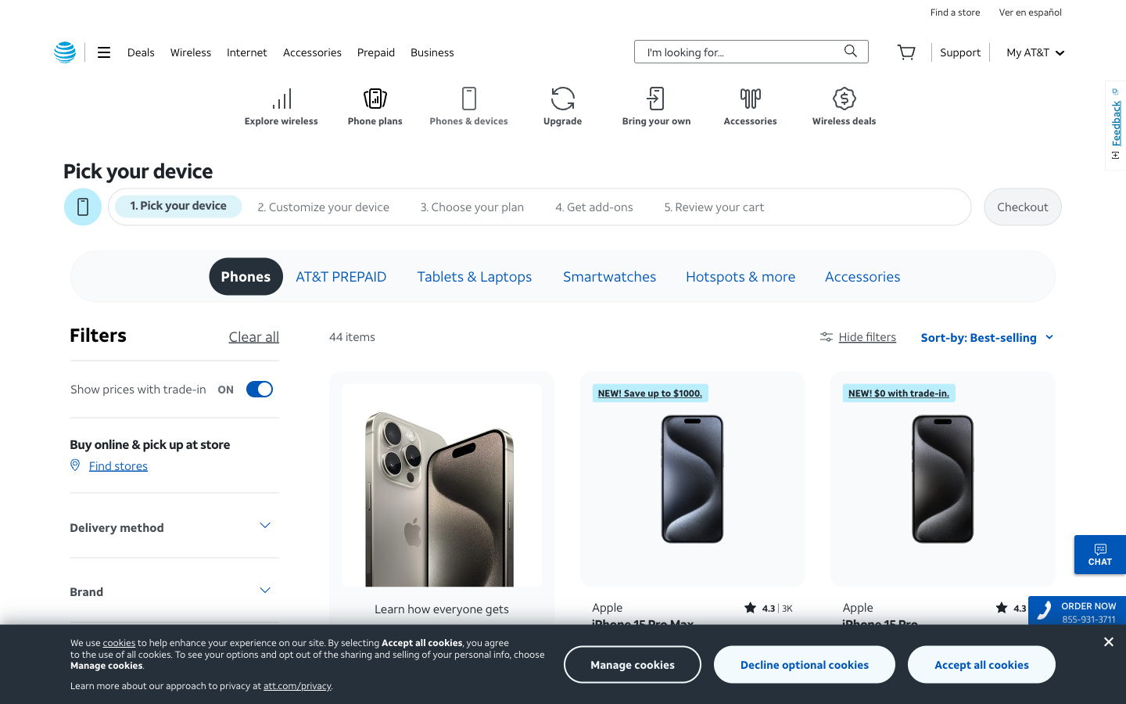 Image resolution: width=1126 pixels, height=704 pixels. I want to click on Opt for the topmost option mentioned in the My-AT&T selection dropdown, so click(1034, 51).